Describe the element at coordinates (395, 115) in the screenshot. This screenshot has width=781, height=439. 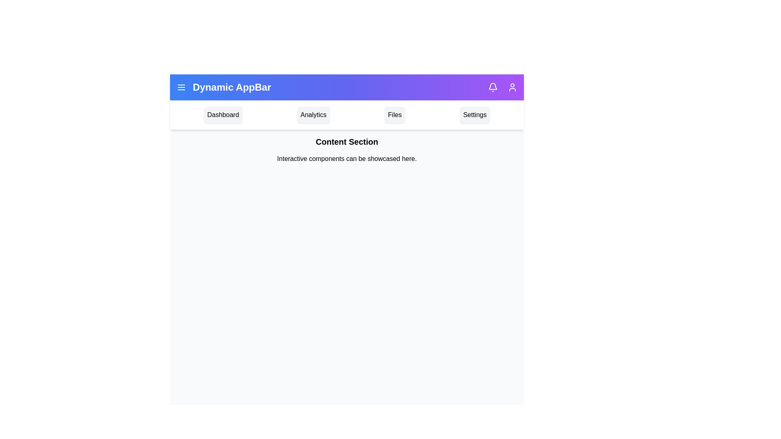
I see `the navigation menu item labeled Files` at that location.